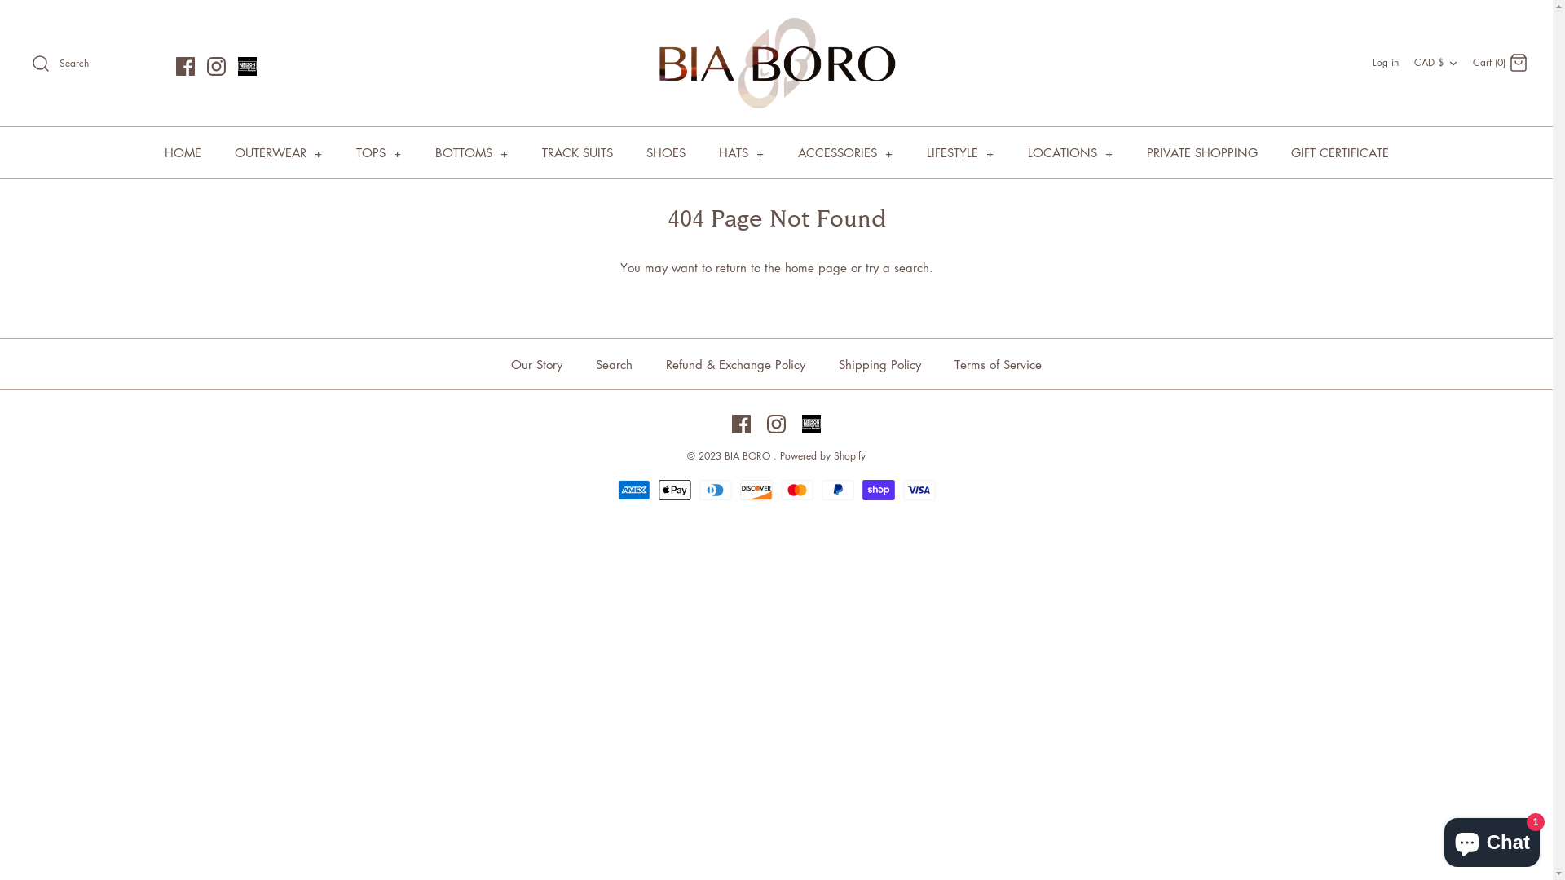 The width and height of the screenshot is (1565, 880). What do you see at coordinates (218, 152) in the screenshot?
I see `'OUTERWEAR +'` at bounding box center [218, 152].